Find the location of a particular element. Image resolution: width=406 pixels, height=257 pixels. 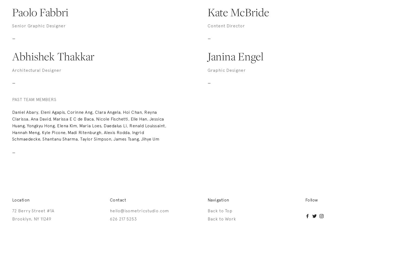

'Navigation' is located at coordinates (218, 200).